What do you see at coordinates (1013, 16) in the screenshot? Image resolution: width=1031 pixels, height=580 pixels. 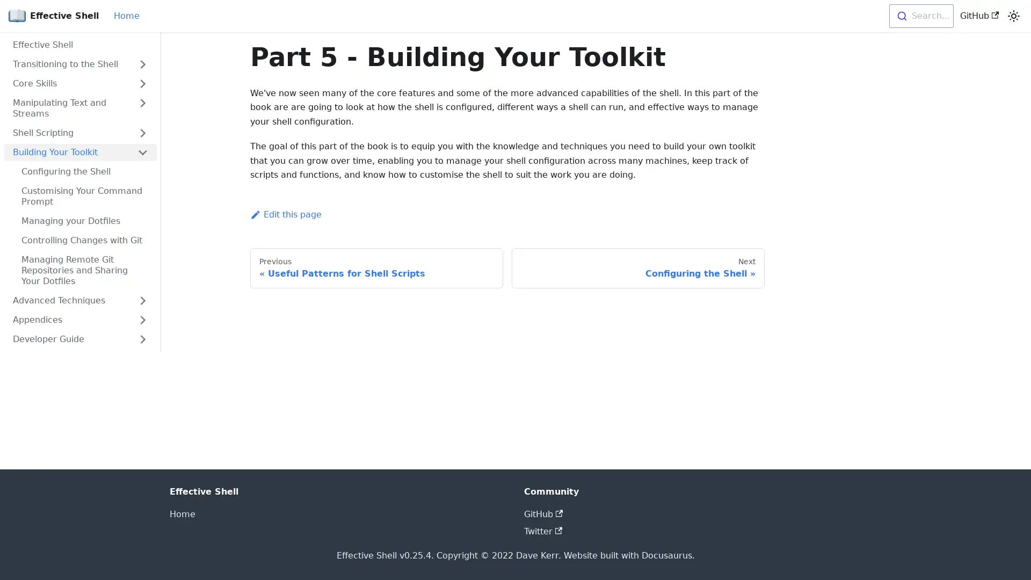 I see `Switch between dark and light mode (currently light mode)` at bounding box center [1013, 16].